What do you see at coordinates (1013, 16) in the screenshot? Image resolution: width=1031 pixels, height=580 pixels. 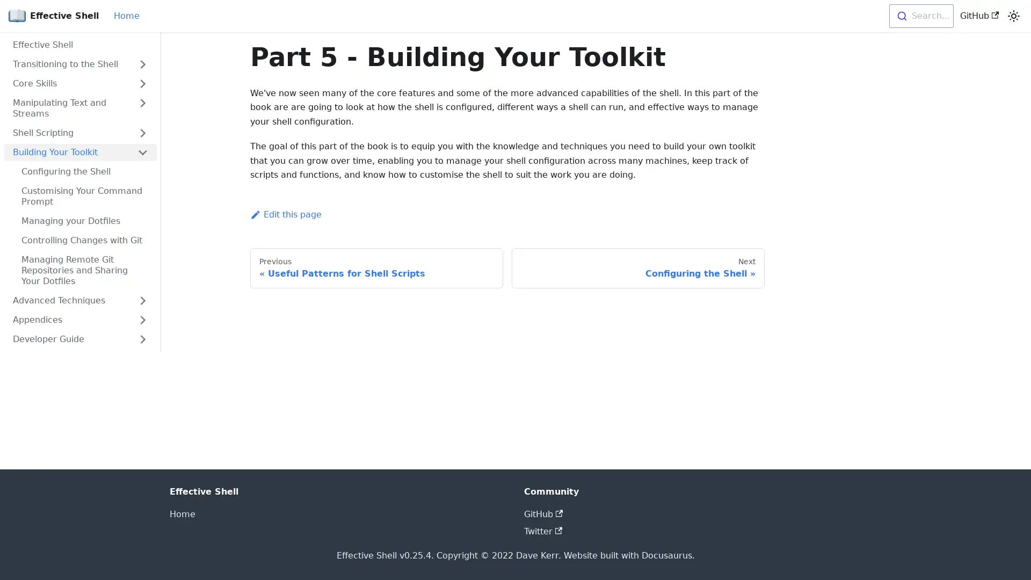 I see `Switch between dark and light mode (currently light mode)` at bounding box center [1013, 16].